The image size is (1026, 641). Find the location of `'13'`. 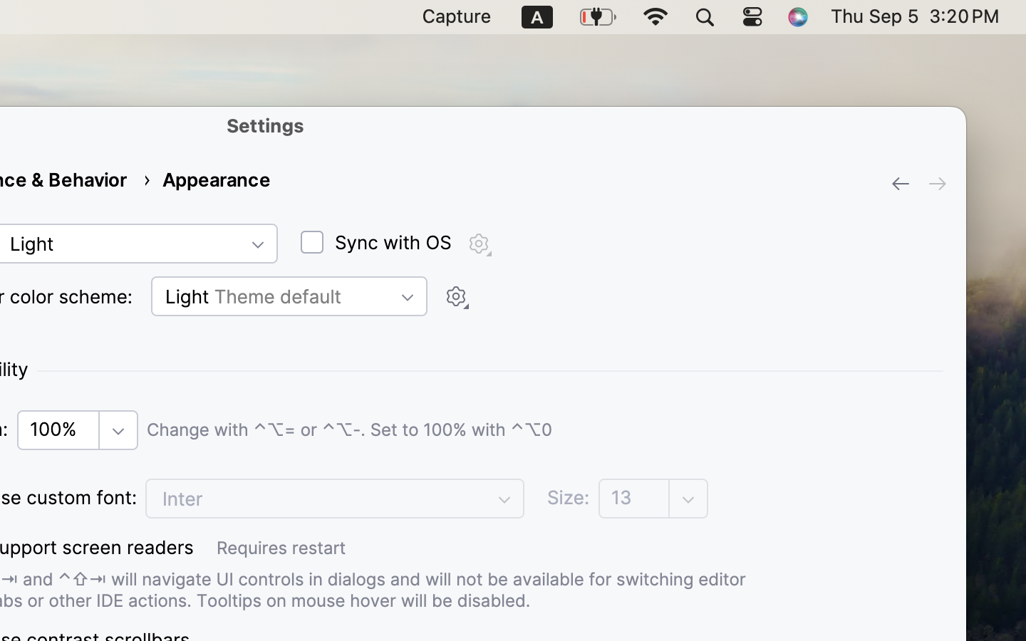

'13' is located at coordinates (634, 497).